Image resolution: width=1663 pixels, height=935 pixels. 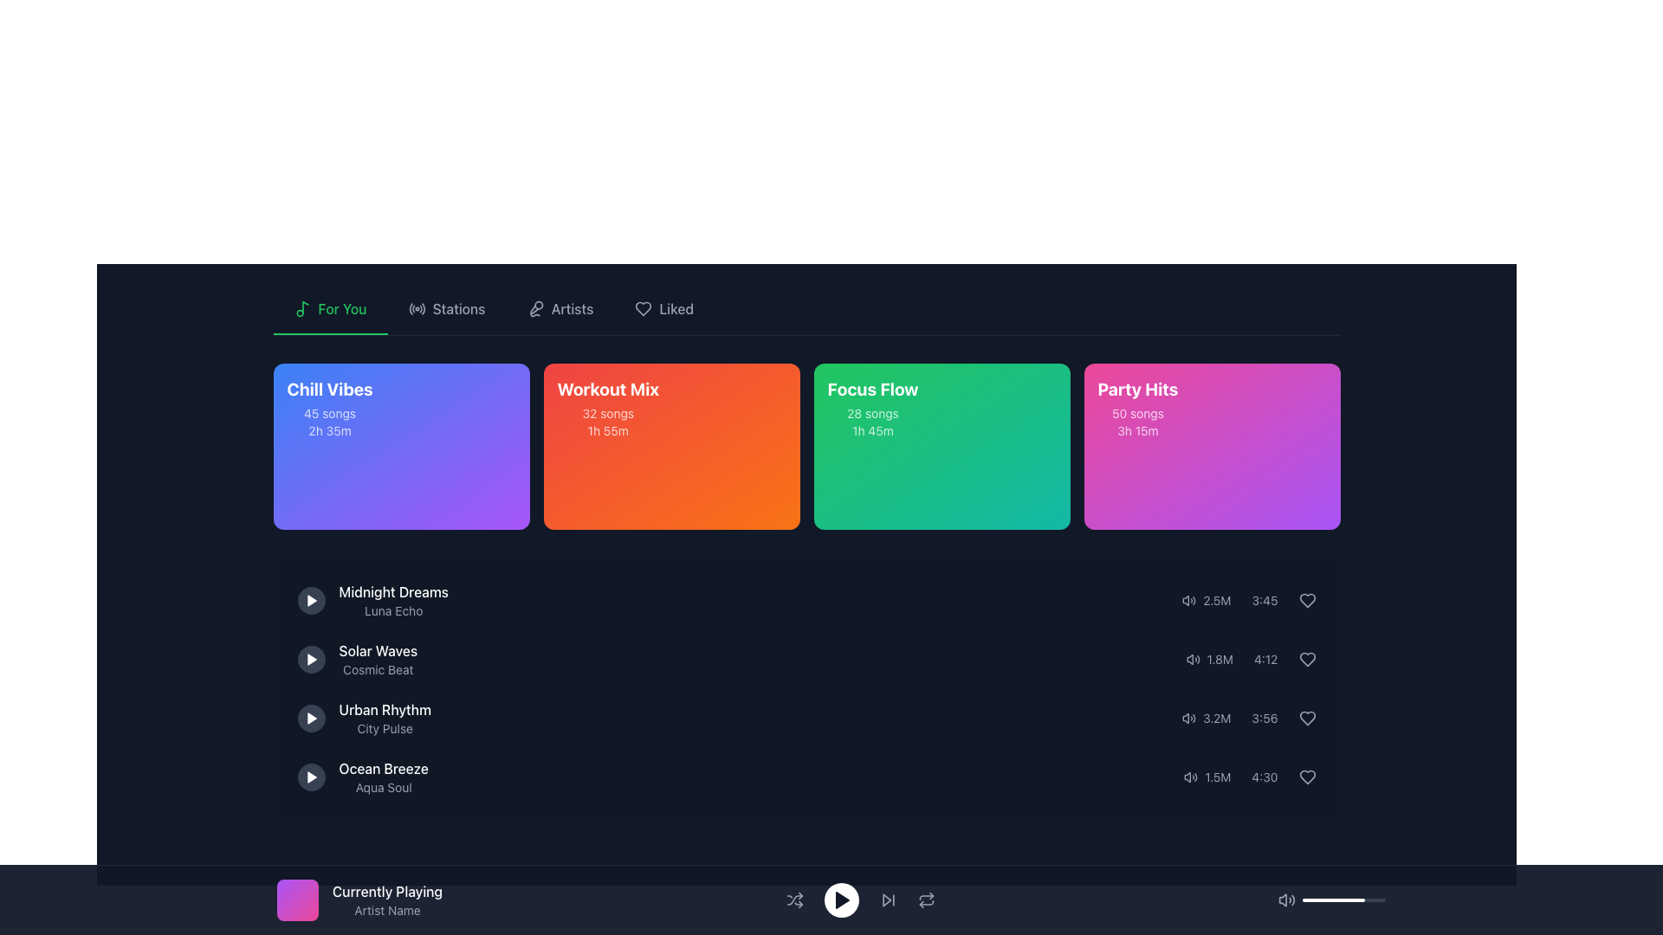 What do you see at coordinates (873, 390) in the screenshot?
I see `the text label displaying 'Focus Flow' in bold, large font with a green background, which is located at the top center of the third card in a row of four cards` at bounding box center [873, 390].